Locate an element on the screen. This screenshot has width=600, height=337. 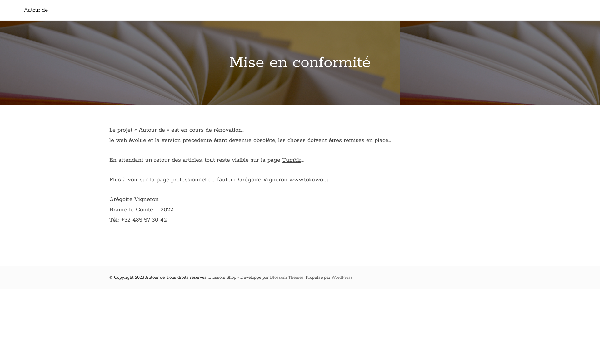
'WordPress' is located at coordinates (342, 277).